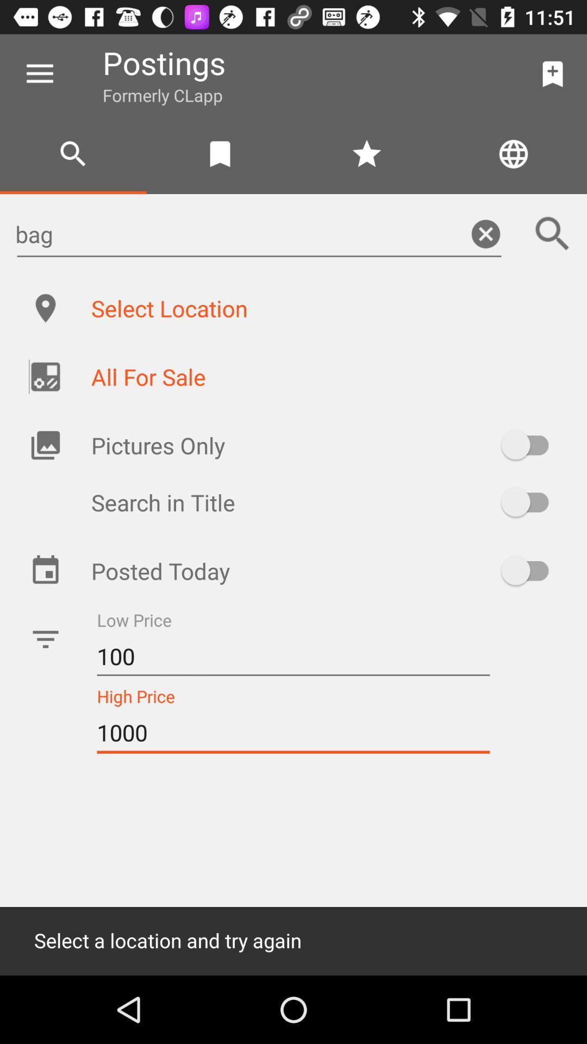 Image resolution: width=587 pixels, height=1044 pixels. Describe the element at coordinates (529, 445) in the screenshot. I see `pictures only` at that location.